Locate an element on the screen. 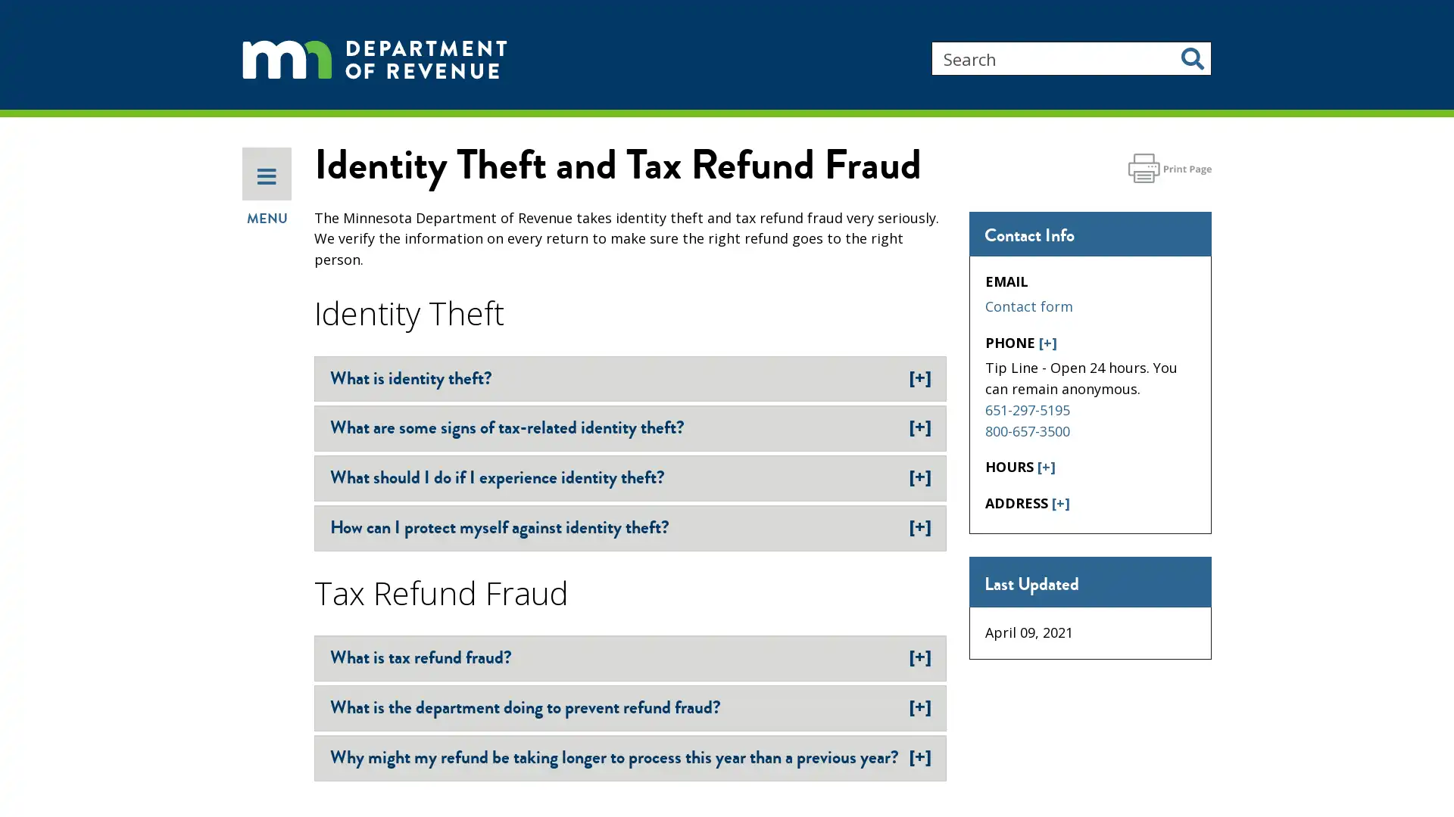  MENU is located at coordinates (267, 266).